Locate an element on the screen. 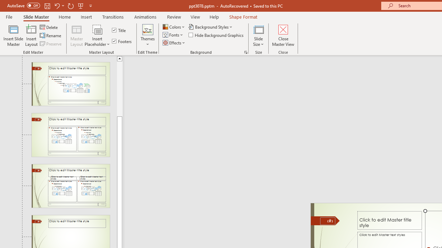 The image size is (442, 248). 'Home' is located at coordinates (65, 17).